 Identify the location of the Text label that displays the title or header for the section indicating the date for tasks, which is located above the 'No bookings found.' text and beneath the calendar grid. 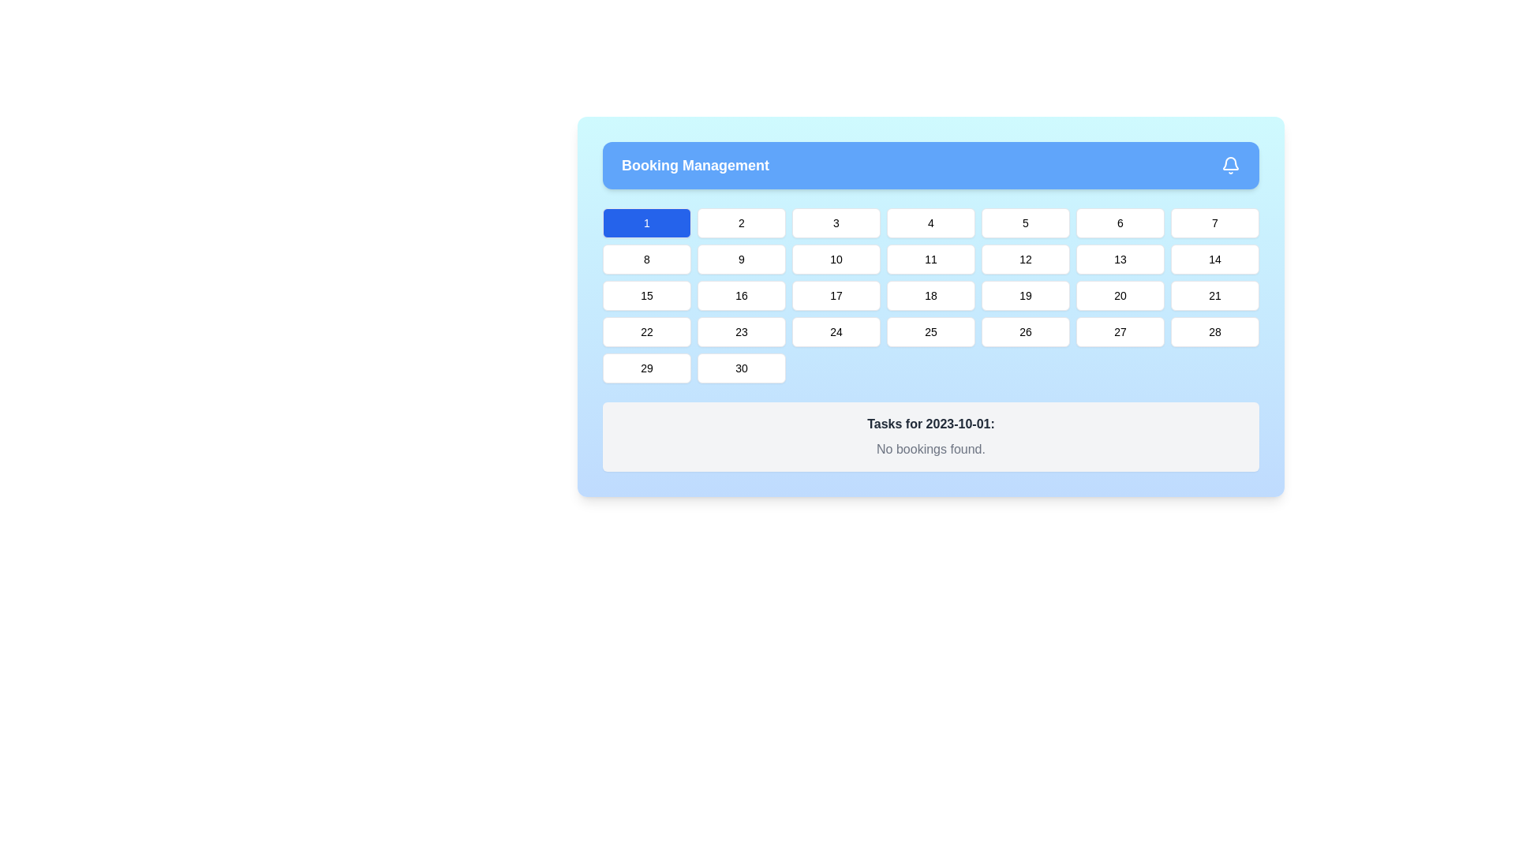
(931, 423).